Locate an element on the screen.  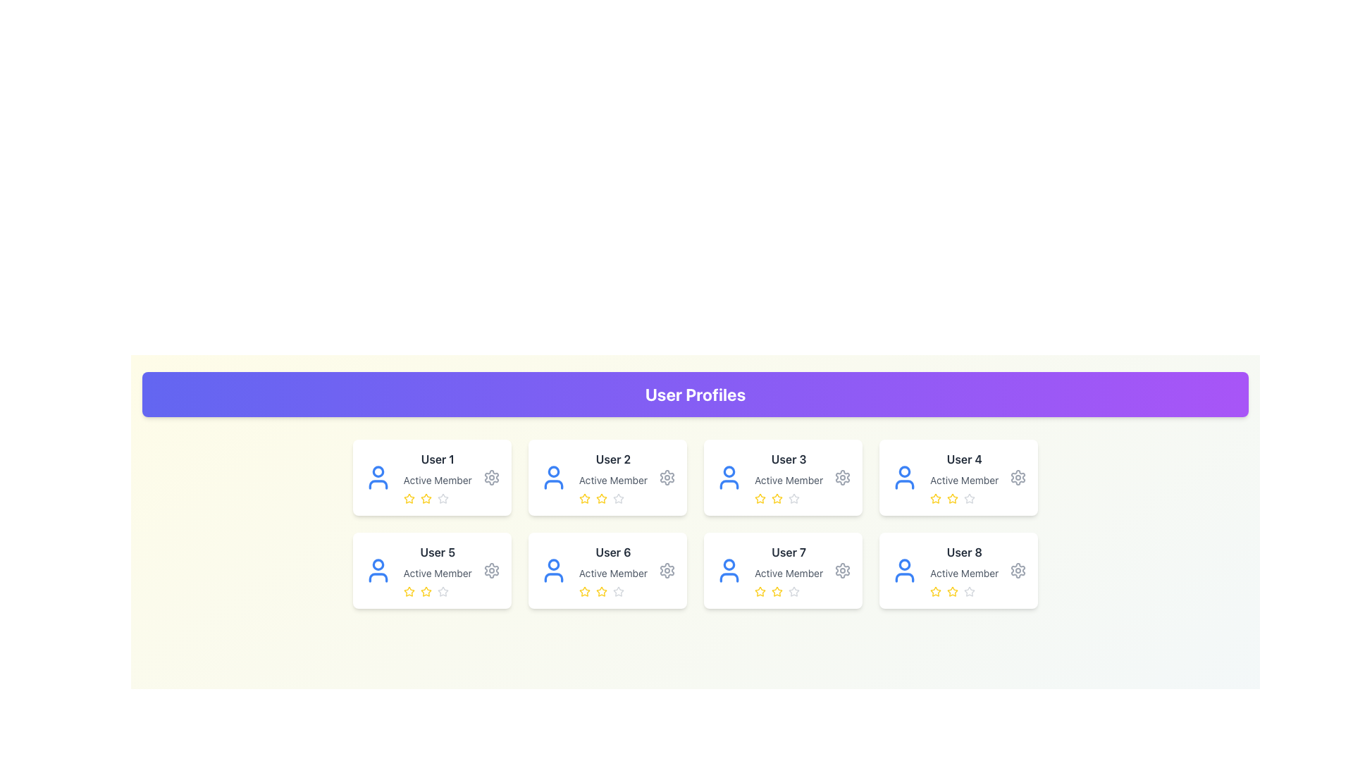
text content of the bold text label displaying 'User 2', which is centrally aligned above user details in the user card layout is located at coordinates (613, 459).